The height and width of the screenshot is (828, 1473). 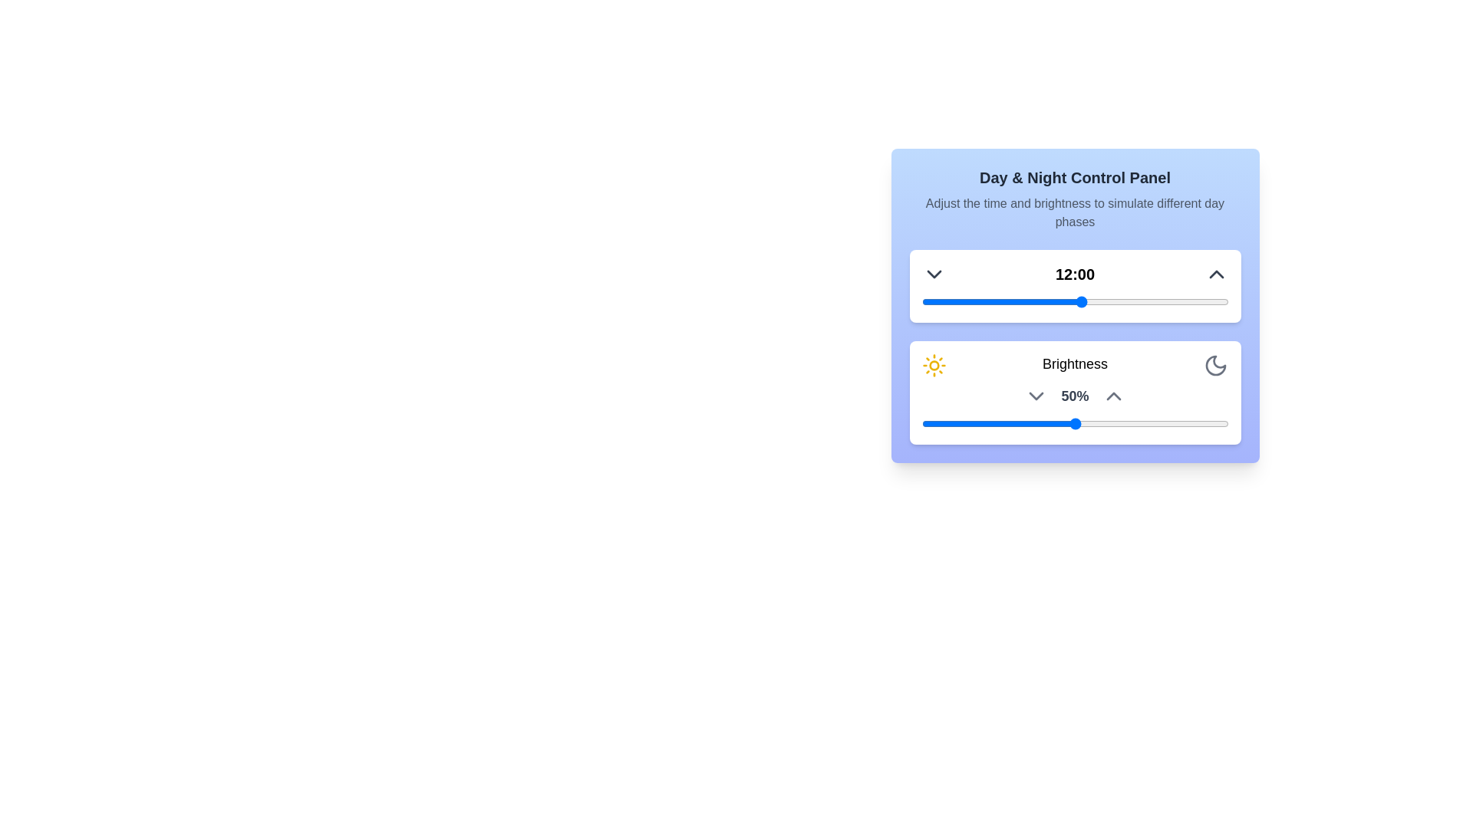 What do you see at coordinates (933, 274) in the screenshot?
I see `the downward-pointing chevron icon located on the left-hand side of the top row in the white rectangular panel for tooltip or highlight effect` at bounding box center [933, 274].